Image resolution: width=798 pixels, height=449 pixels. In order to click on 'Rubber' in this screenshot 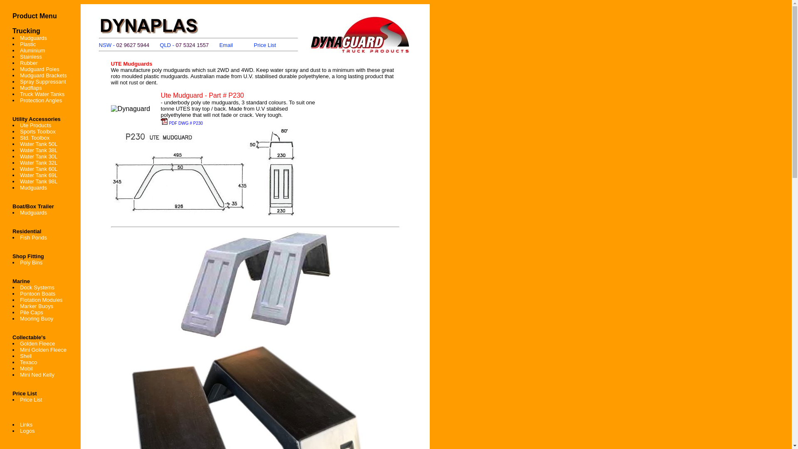, I will do `click(20, 62)`.